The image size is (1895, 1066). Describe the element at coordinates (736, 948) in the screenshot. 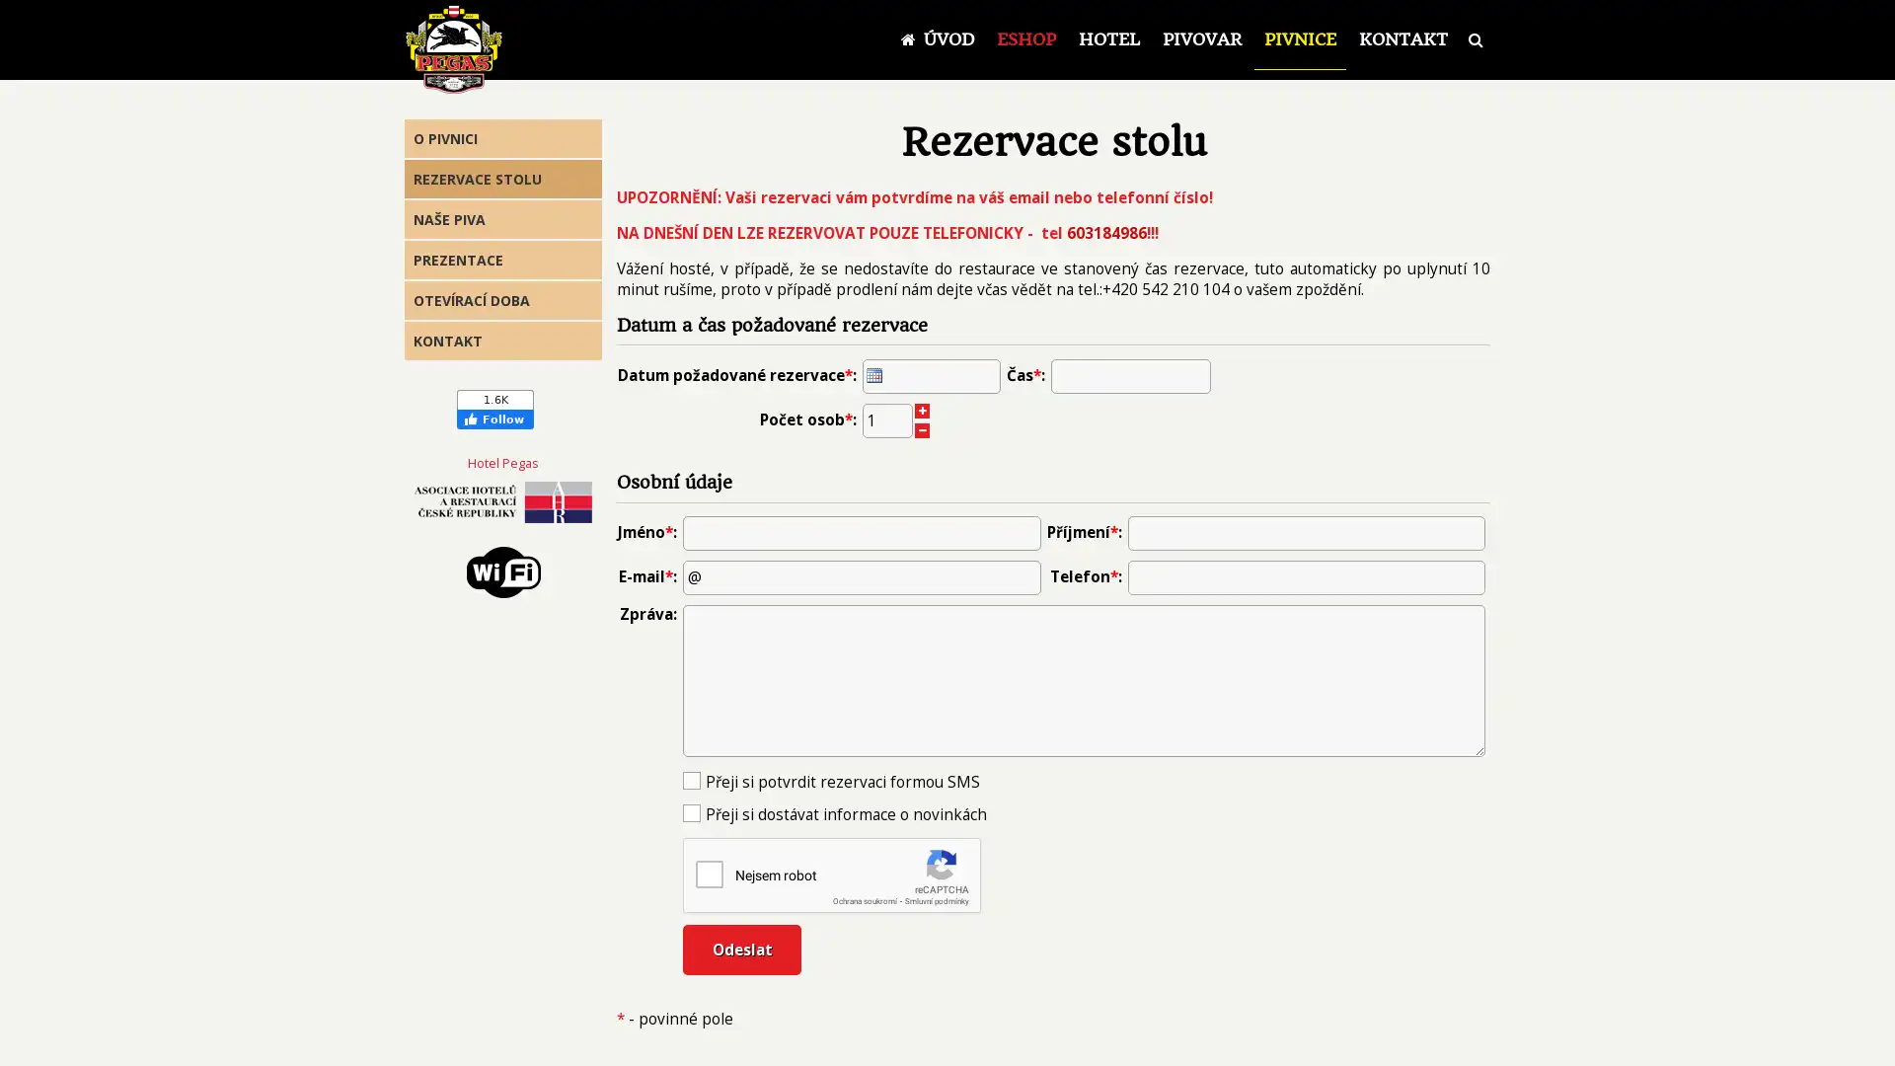

I see `Odeslat` at that location.